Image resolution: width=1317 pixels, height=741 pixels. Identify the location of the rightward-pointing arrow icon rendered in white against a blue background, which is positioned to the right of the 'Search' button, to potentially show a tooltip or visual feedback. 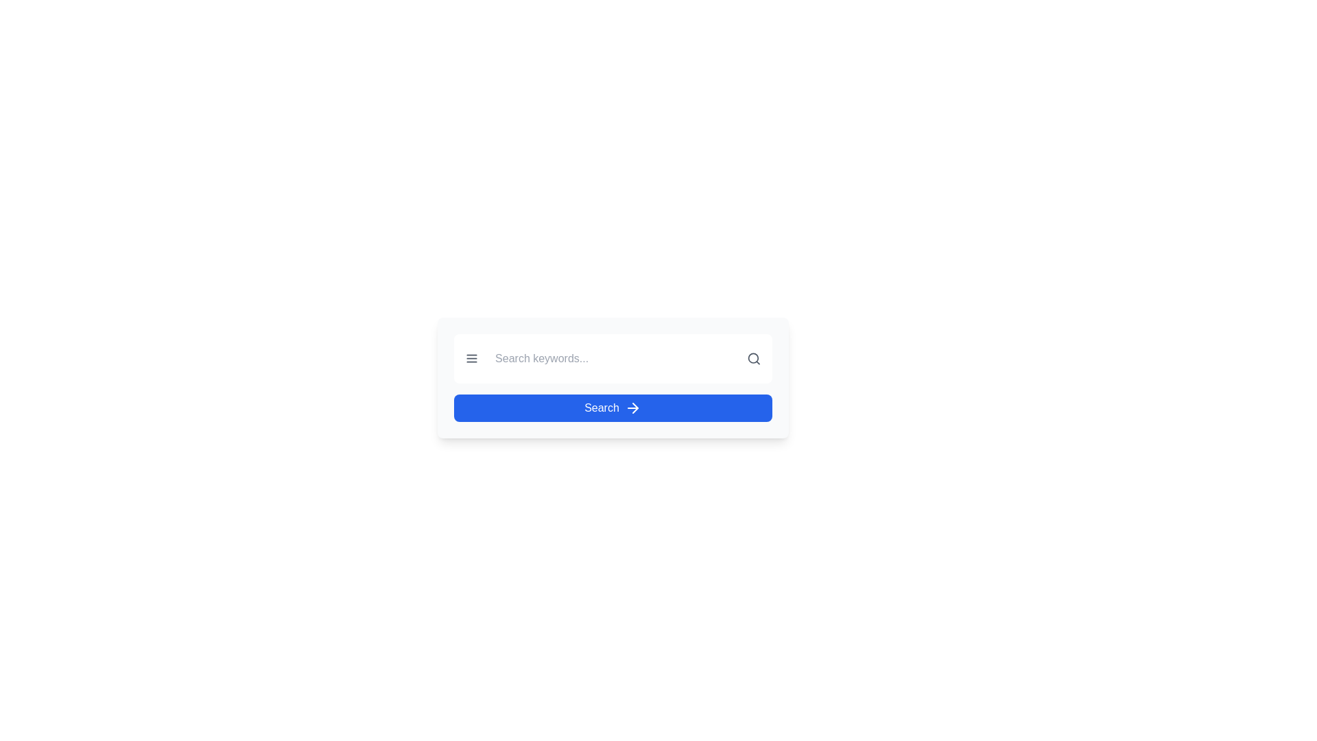
(632, 407).